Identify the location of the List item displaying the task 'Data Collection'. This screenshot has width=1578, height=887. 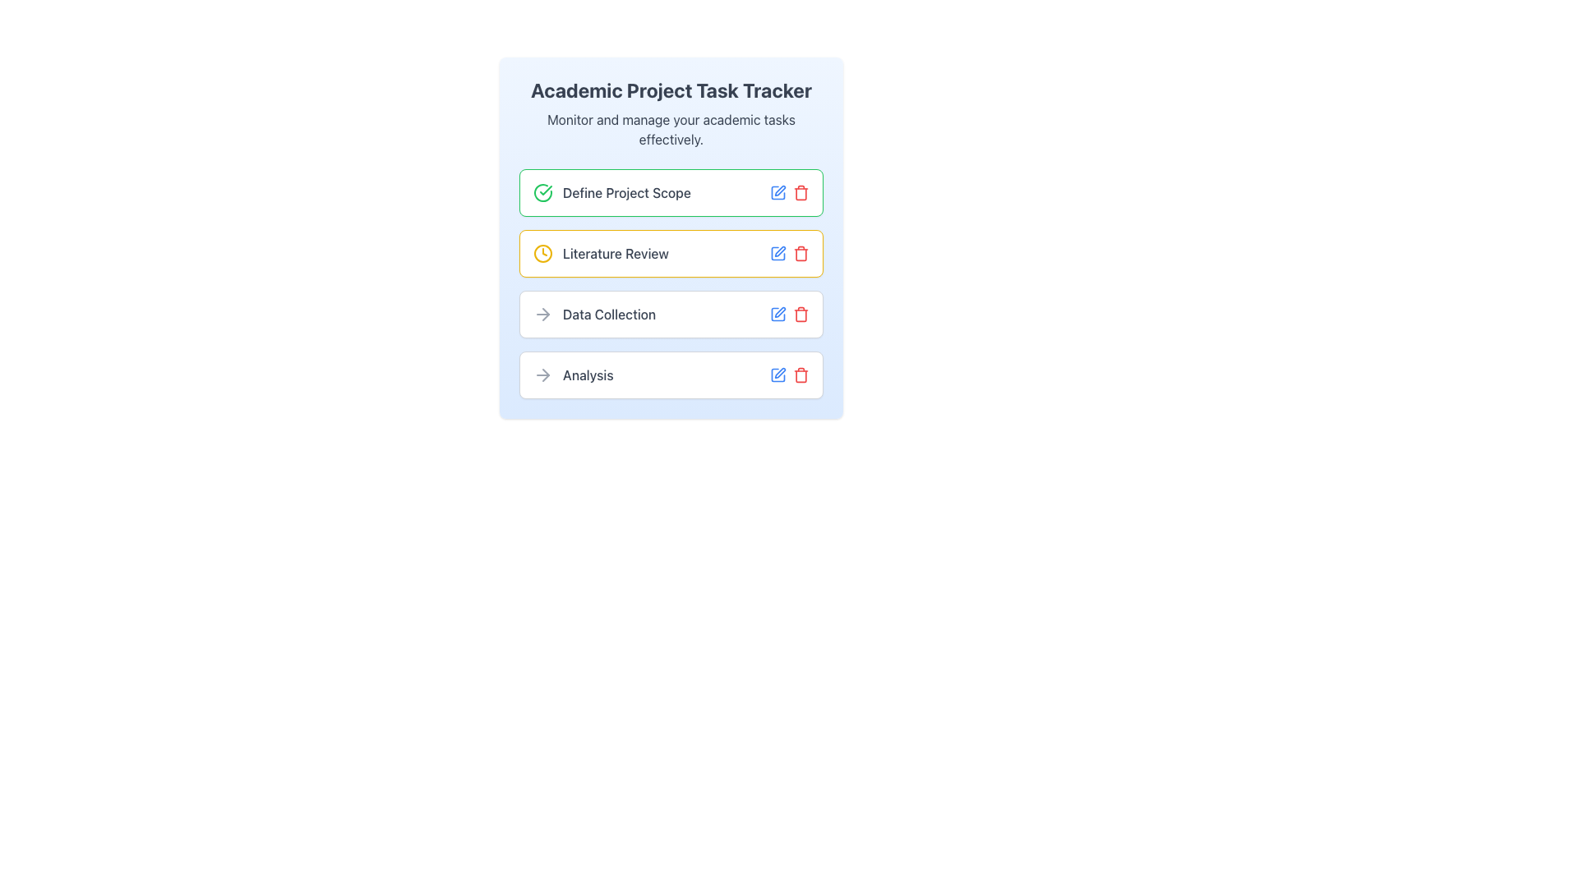
(671, 314).